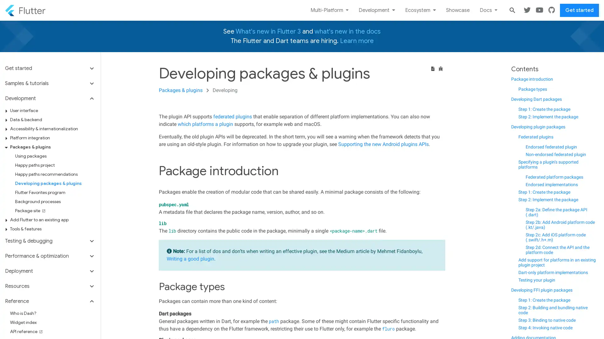 The height and width of the screenshot is (339, 604). What do you see at coordinates (50, 301) in the screenshot?
I see `Reference keyboard_arrow_down` at bounding box center [50, 301].